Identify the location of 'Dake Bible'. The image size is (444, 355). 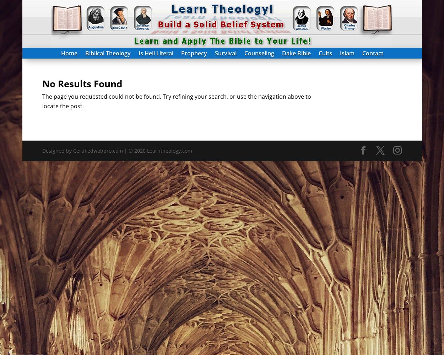
(296, 53).